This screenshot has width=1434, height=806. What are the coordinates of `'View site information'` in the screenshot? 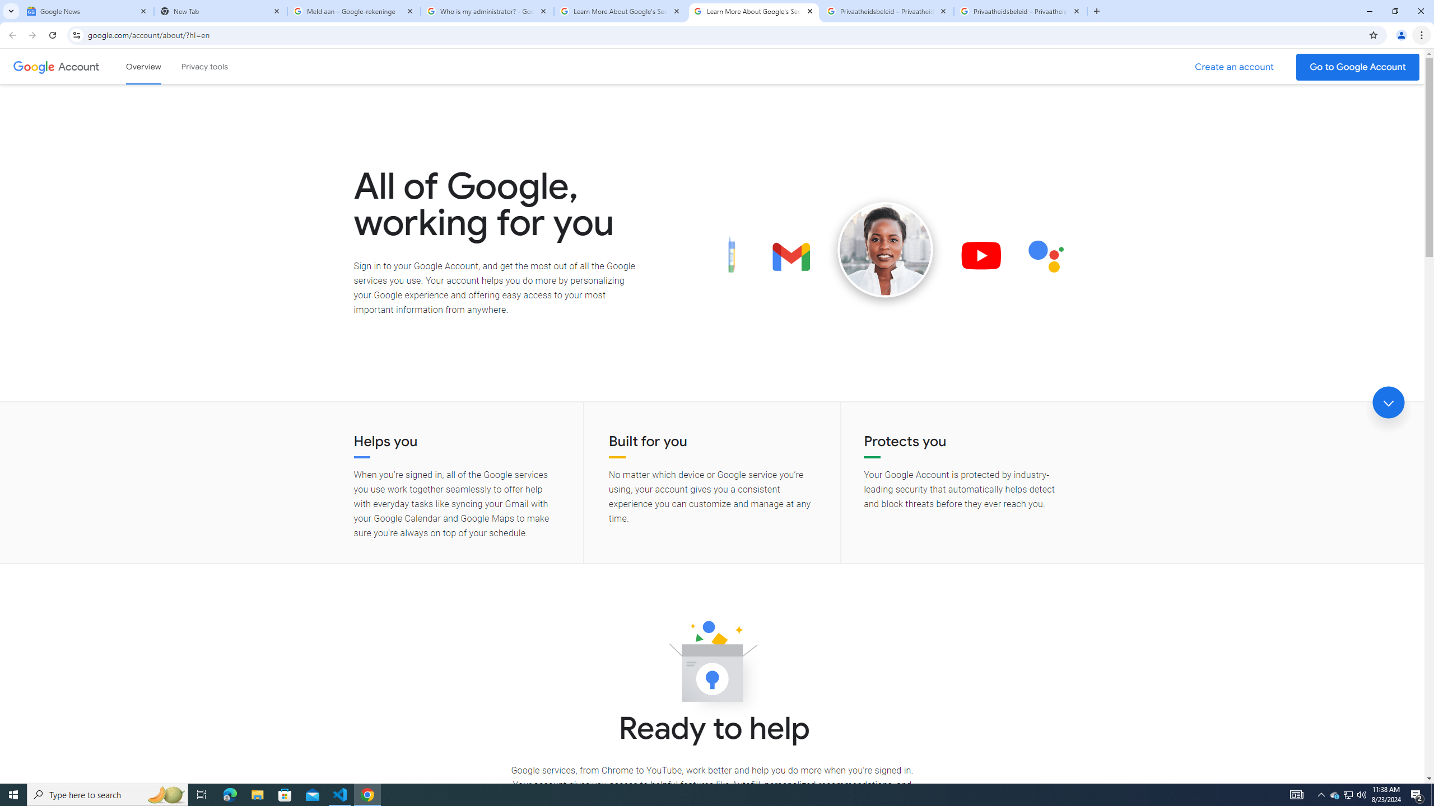 It's located at (76, 34).